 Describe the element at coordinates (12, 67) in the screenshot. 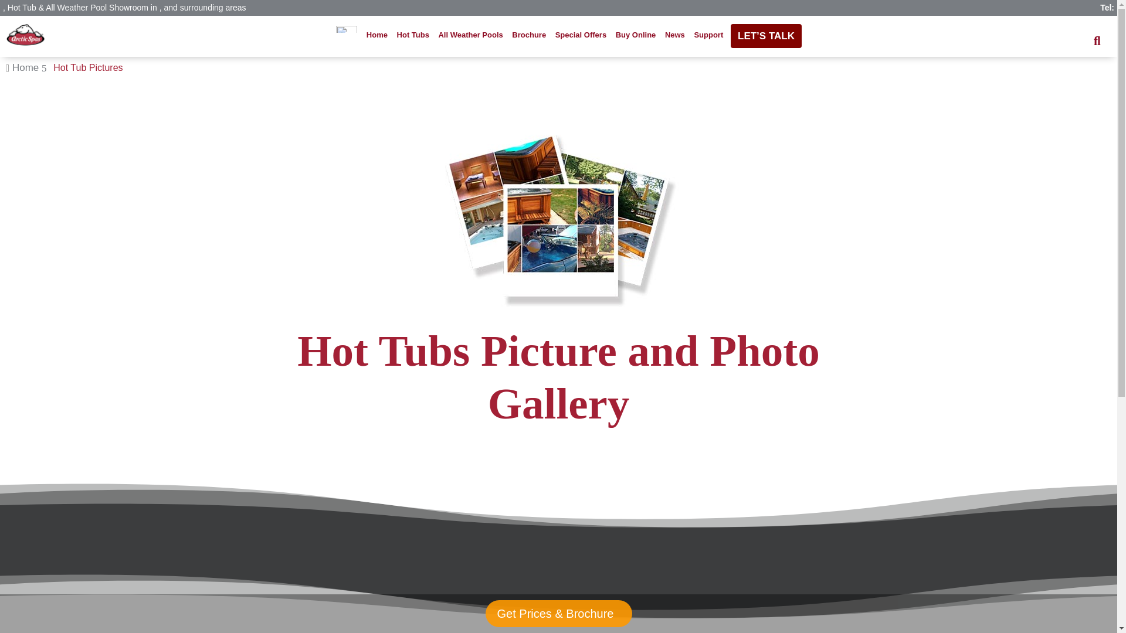

I see `'Home'` at that location.